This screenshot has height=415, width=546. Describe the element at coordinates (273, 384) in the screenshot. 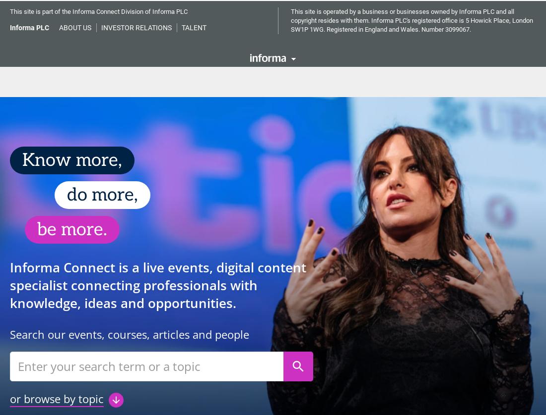

I see `'Browse our events, training, articles and people by topic'` at that location.